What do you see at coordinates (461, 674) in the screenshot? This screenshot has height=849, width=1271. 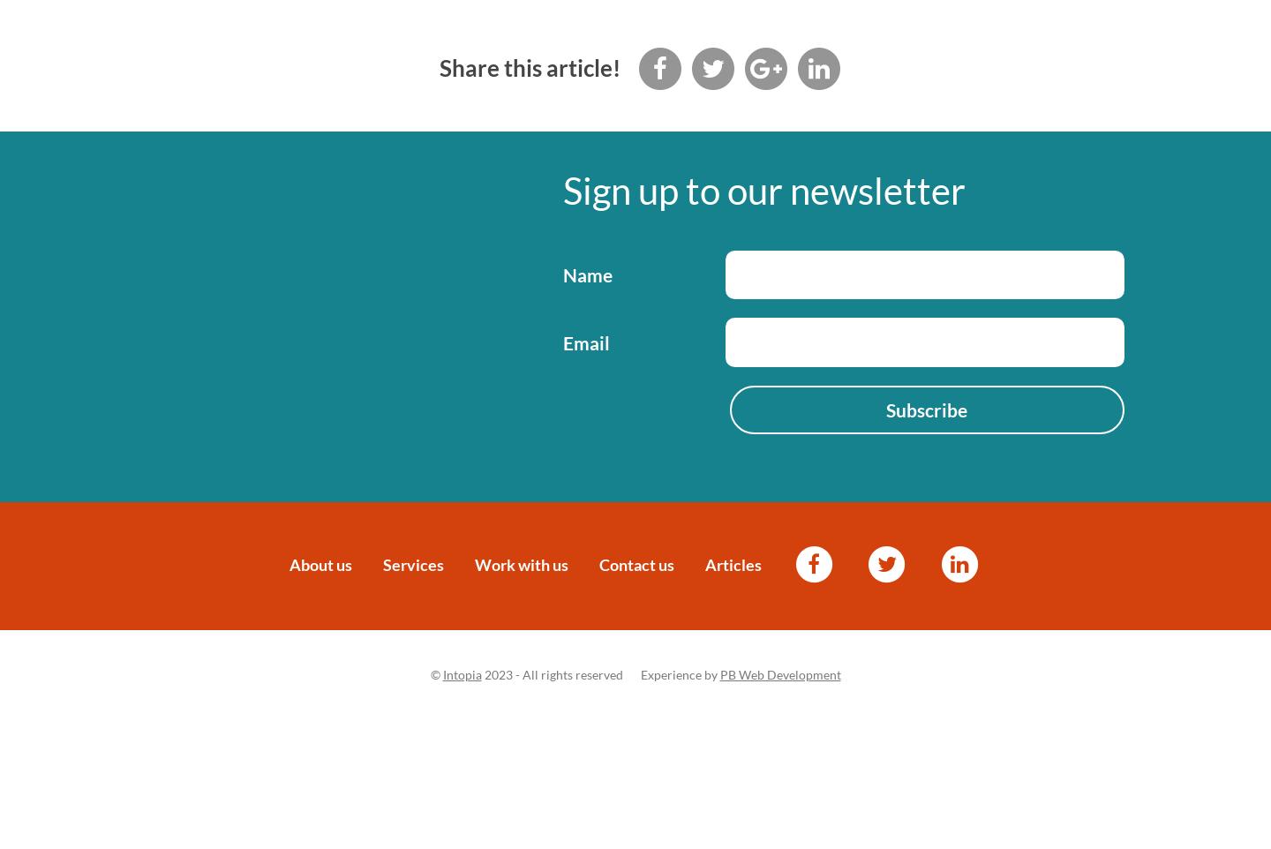 I see `'Intopia'` at bounding box center [461, 674].